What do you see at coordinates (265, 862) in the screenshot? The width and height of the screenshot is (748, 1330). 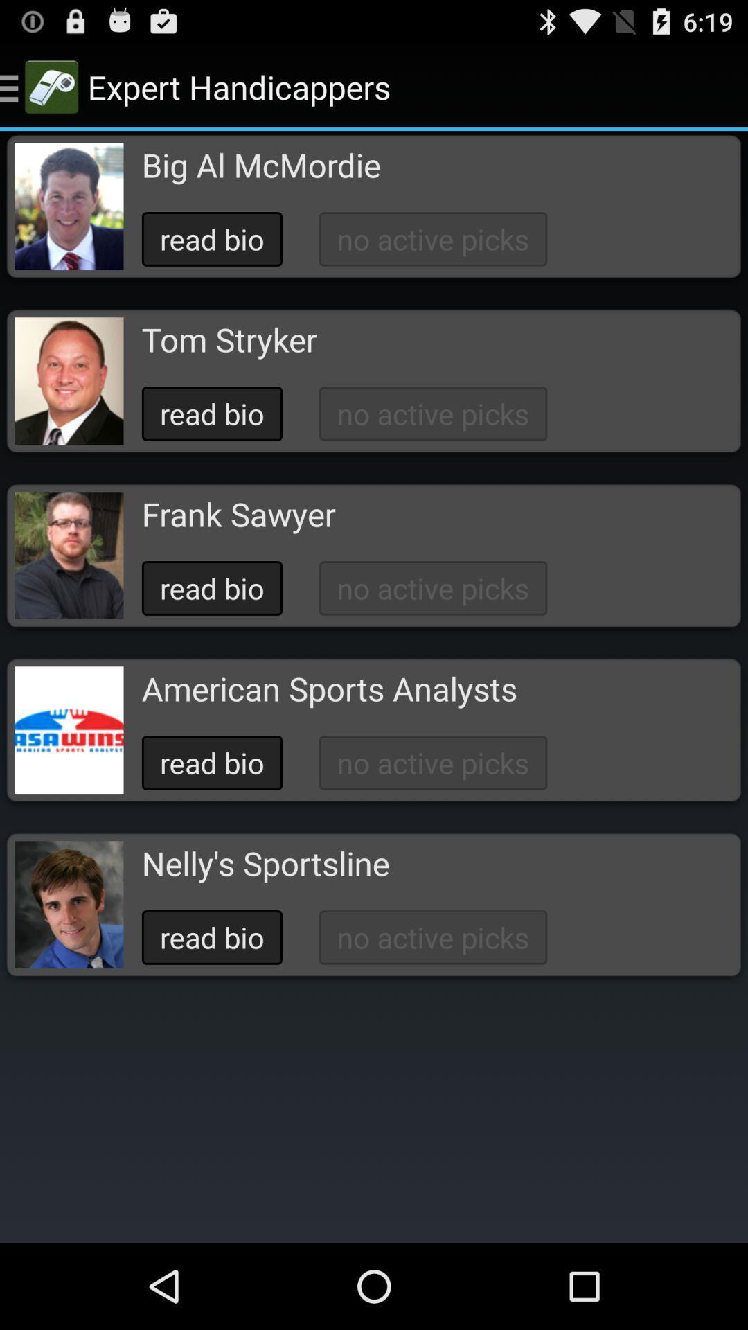 I see `the nelly's sportsline icon` at bounding box center [265, 862].